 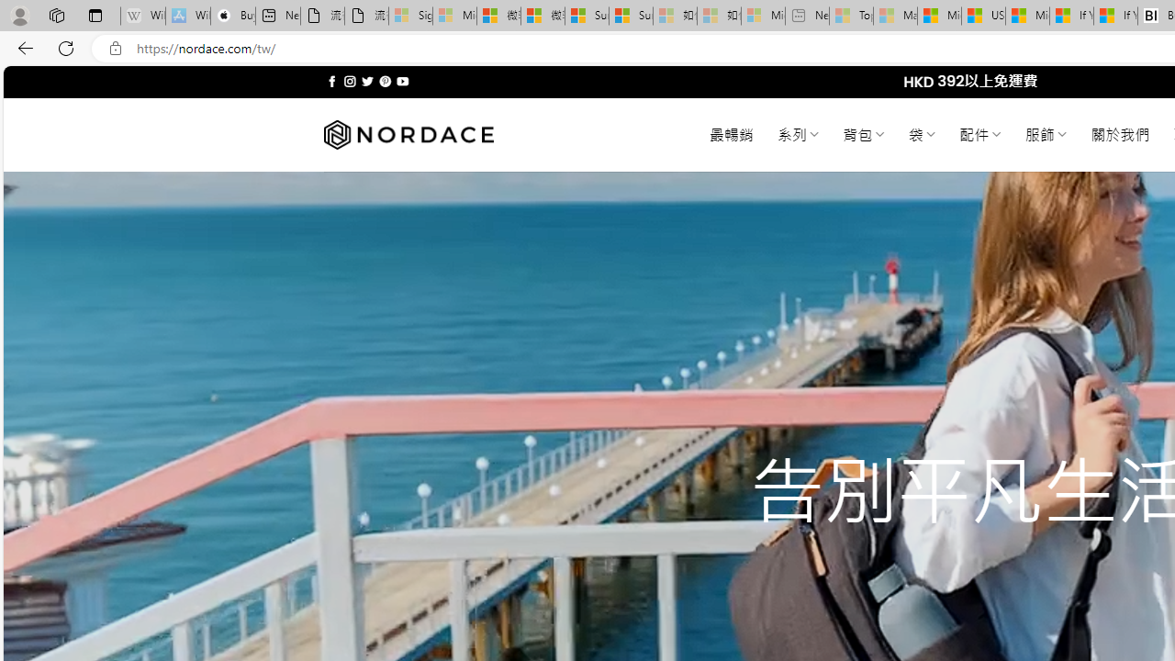 What do you see at coordinates (66, 47) in the screenshot?
I see `'Refresh'` at bounding box center [66, 47].